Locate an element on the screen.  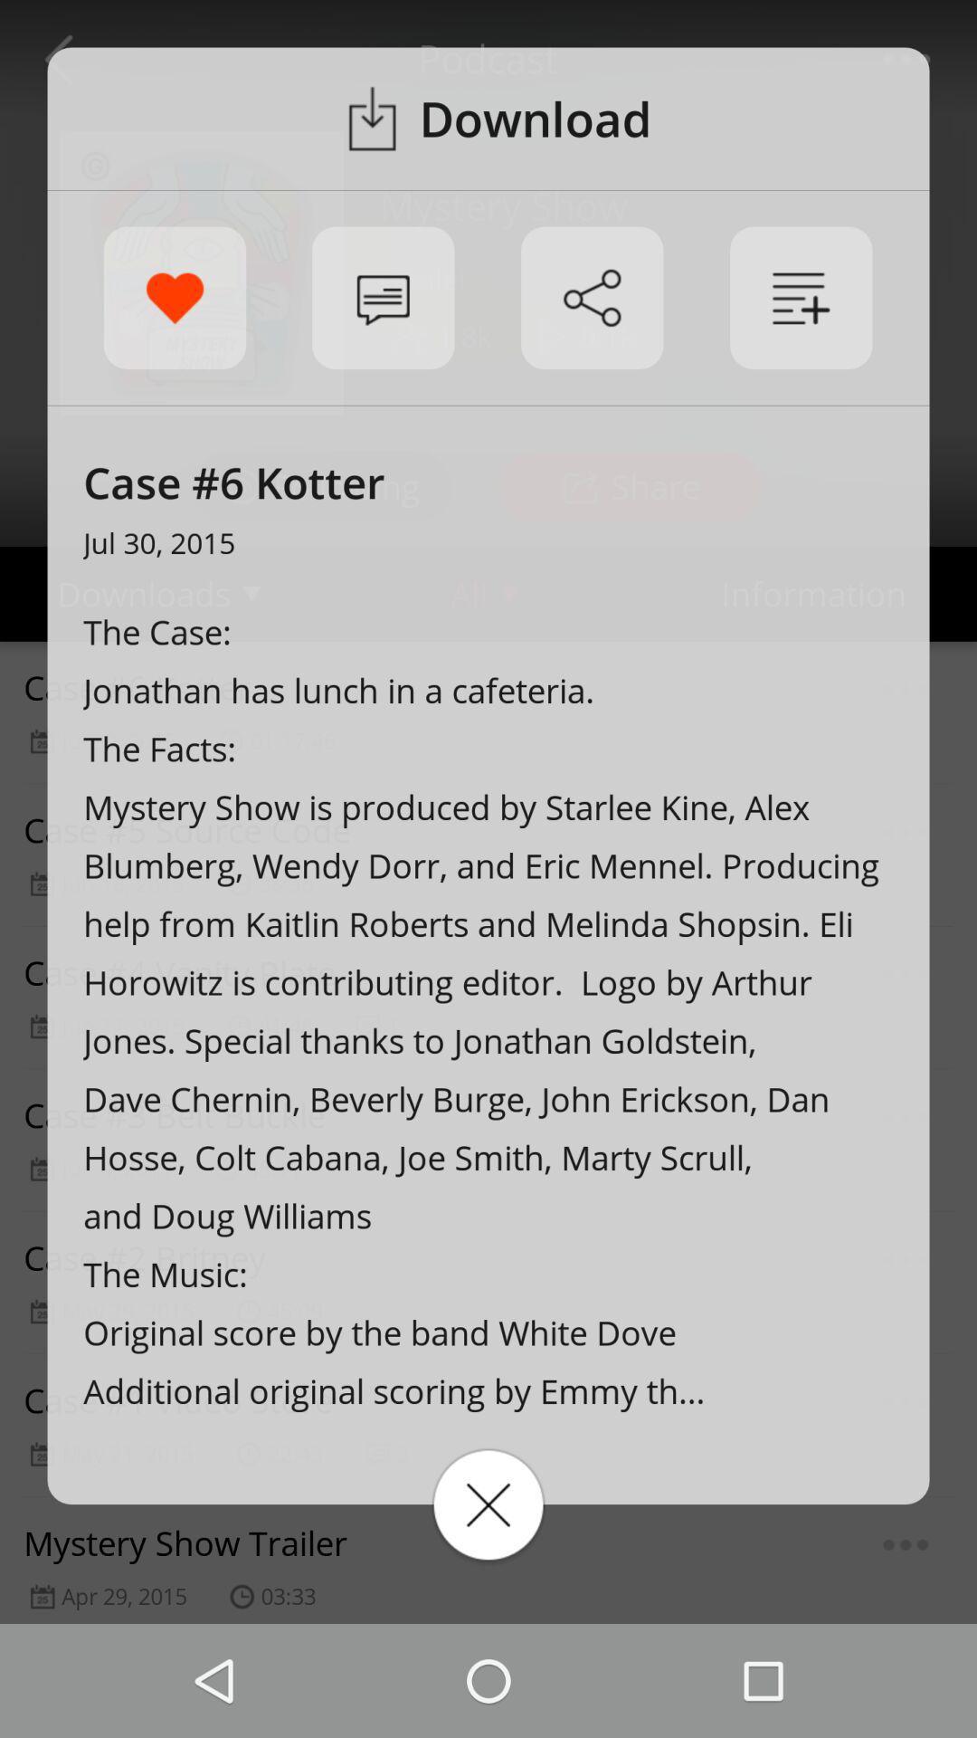
notification is located at coordinates (382, 298).